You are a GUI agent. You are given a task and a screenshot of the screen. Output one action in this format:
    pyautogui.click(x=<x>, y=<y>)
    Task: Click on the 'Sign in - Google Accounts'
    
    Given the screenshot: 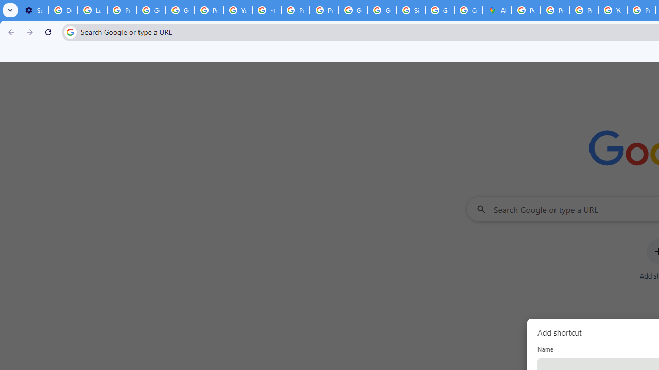 What is the action you would take?
    pyautogui.click(x=410, y=10)
    